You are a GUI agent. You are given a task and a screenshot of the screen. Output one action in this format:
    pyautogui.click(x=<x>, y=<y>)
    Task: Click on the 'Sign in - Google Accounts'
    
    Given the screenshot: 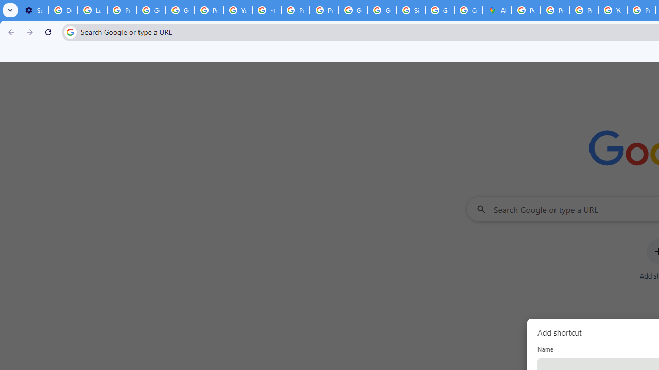 What is the action you would take?
    pyautogui.click(x=410, y=10)
    